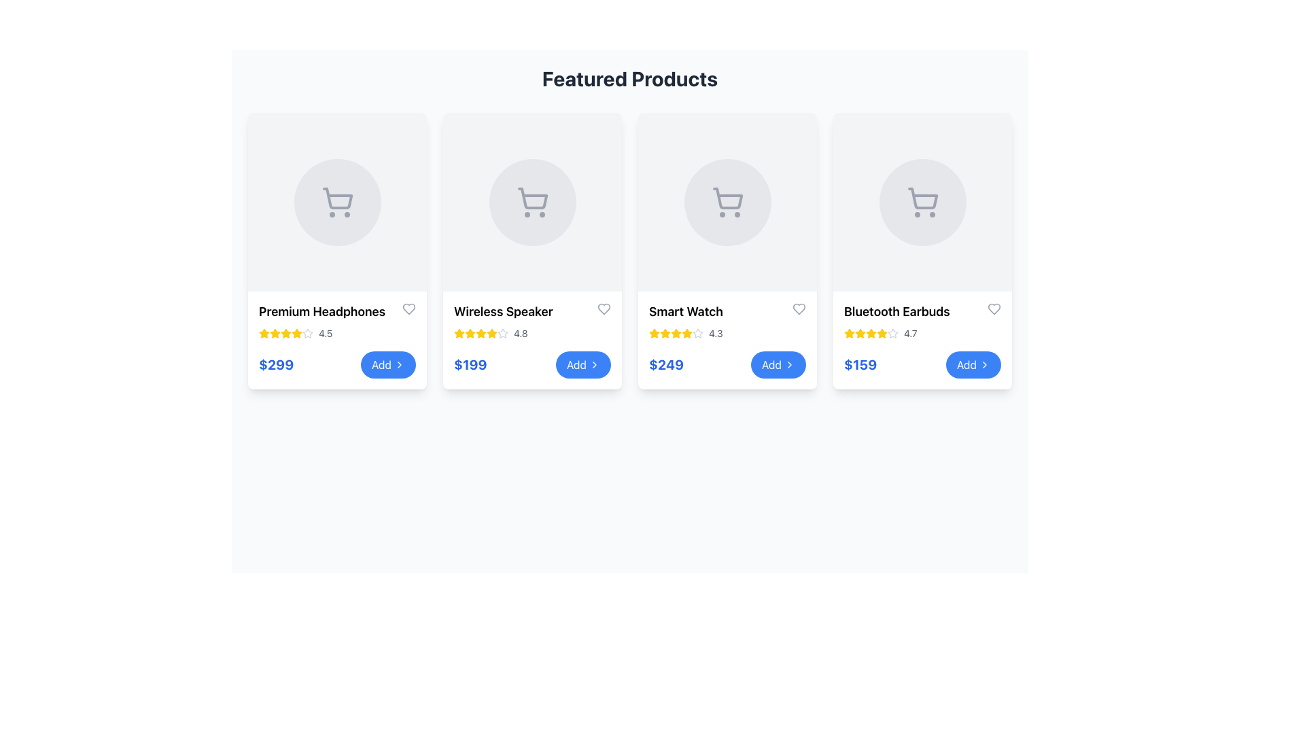 Image resolution: width=1305 pixels, height=734 pixels. I want to click on the second star icon representing the rating of the Wireless Speaker in the Featured Products section, so click(470, 333).